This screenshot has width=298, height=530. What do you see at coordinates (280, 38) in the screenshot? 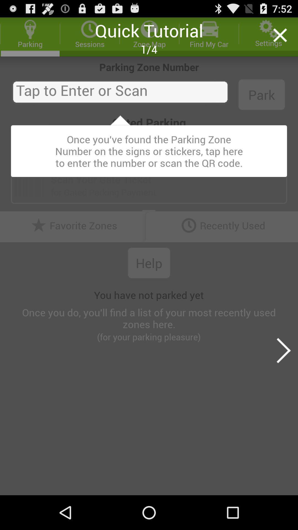
I see `the close icon` at bounding box center [280, 38].